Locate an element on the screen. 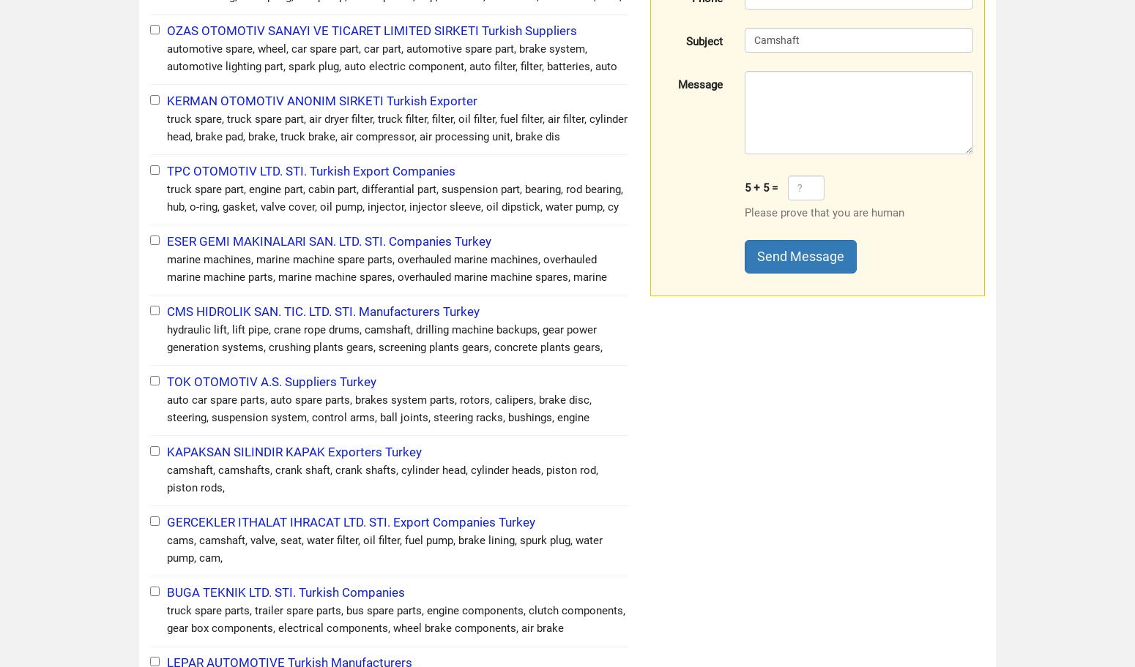 The image size is (1135, 667). 'truck spare parts, trailer spare parts, bus spare parts, engine components, clutch components, gear box components, electrical components, wheel brake components, air brake components, brake component' is located at coordinates (395, 628).